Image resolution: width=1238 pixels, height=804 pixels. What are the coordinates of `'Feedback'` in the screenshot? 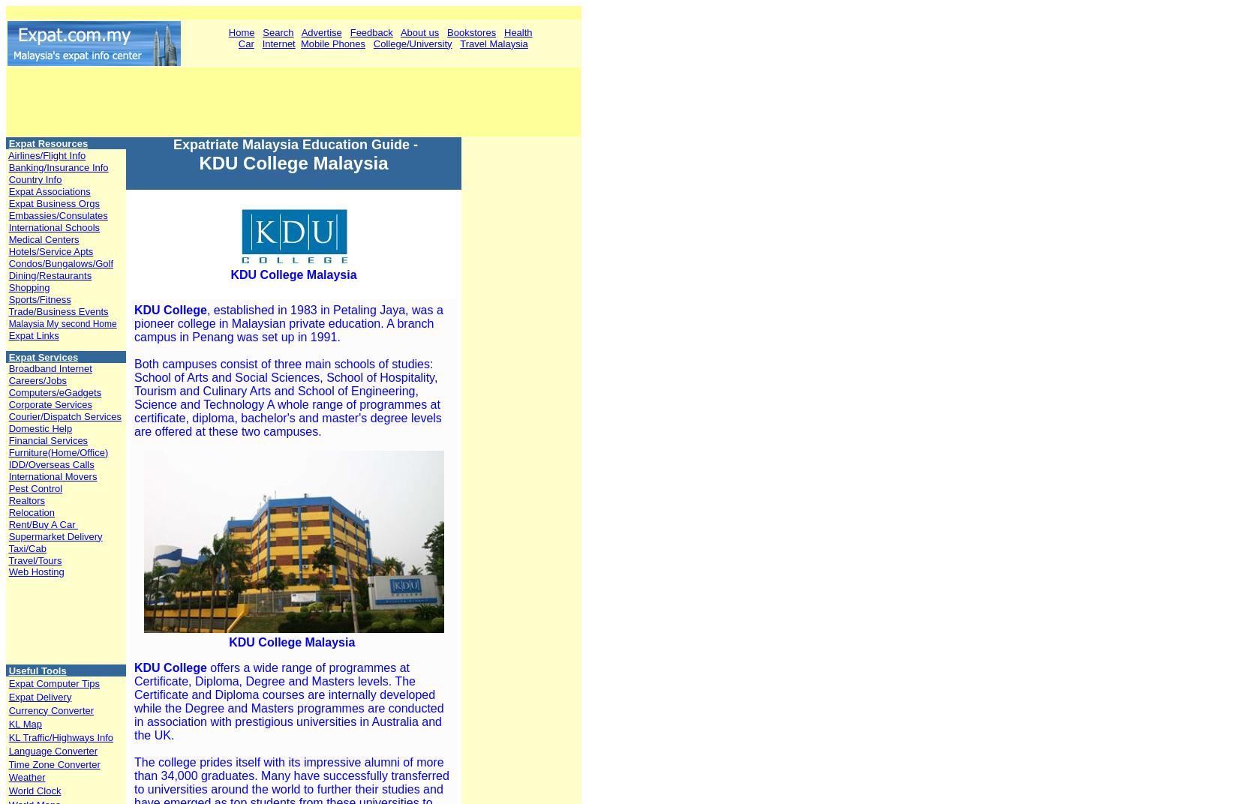 It's located at (370, 31).